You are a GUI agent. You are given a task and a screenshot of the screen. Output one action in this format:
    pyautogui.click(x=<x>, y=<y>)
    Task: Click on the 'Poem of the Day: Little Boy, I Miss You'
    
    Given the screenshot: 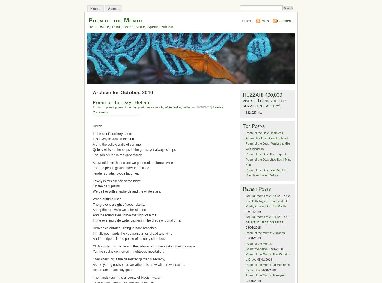 What is the action you would take?
    pyautogui.click(x=268, y=162)
    